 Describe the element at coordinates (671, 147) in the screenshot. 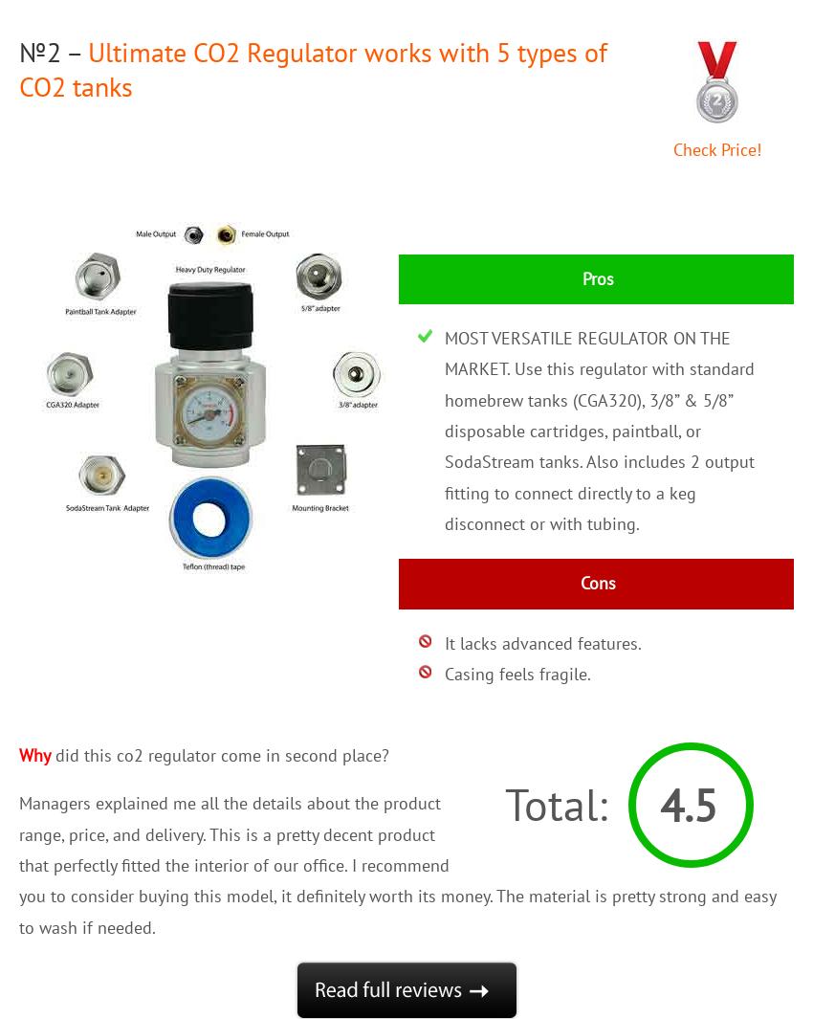

I see `'Check Price!'` at that location.